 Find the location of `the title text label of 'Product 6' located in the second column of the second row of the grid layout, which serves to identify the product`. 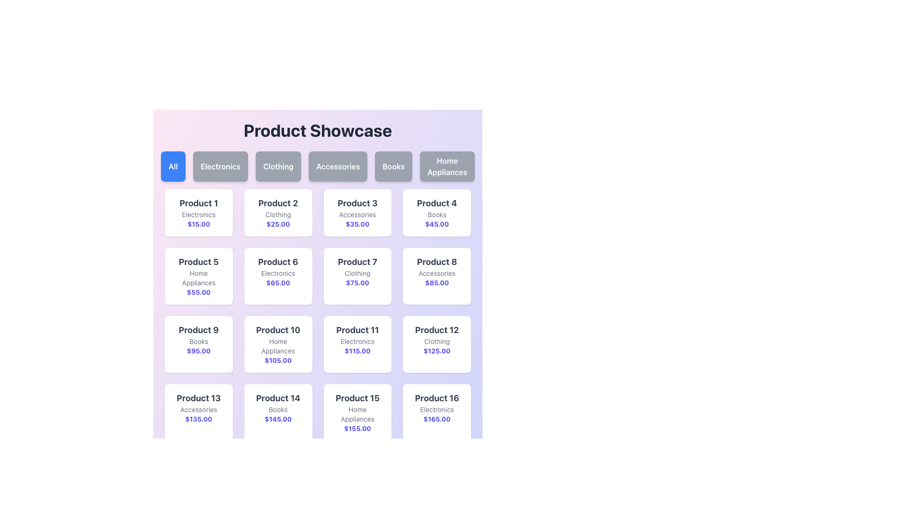

the title text label of 'Product 6' located in the second column of the second row of the grid layout, which serves to identify the product is located at coordinates (277, 262).